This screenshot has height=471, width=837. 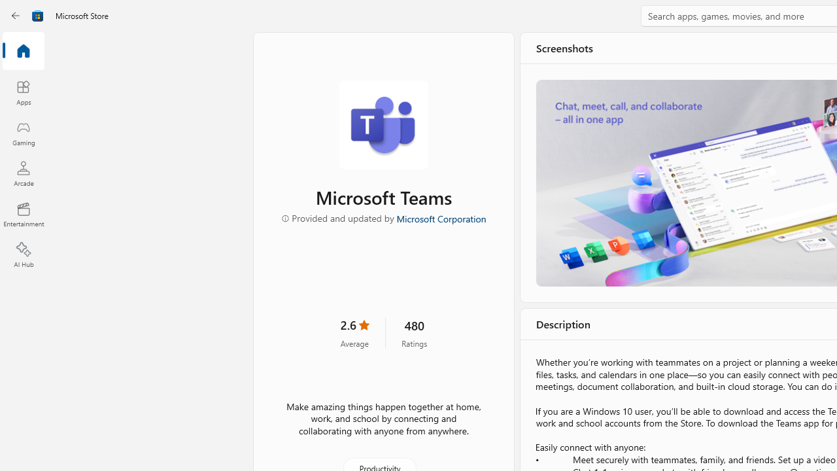 What do you see at coordinates (440, 217) in the screenshot?
I see `'Microsoft Corporation'` at bounding box center [440, 217].